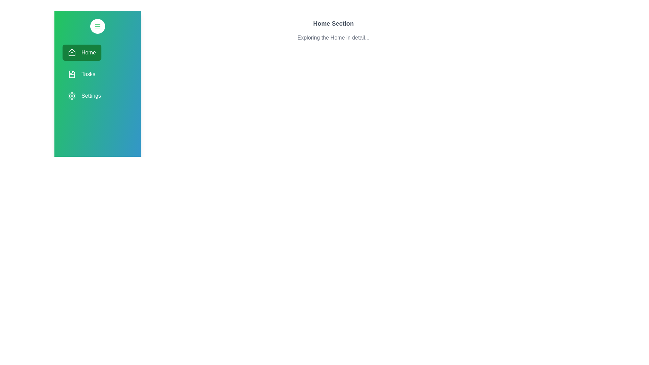 This screenshot has height=365, width=649. I want to click on the menu toggle icon located at the top-center of the circular button in the sidebar, so click(97, 26).